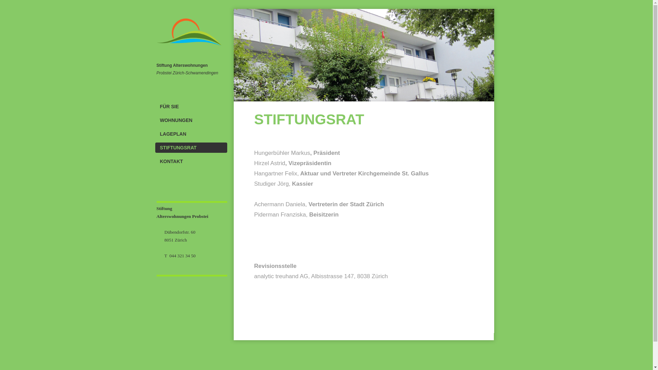 The height and width of the screenshot is (370, 658). Describe the element at coordinates (191, 161) in the screenshot. I see `'KONTAKT'` at that location.